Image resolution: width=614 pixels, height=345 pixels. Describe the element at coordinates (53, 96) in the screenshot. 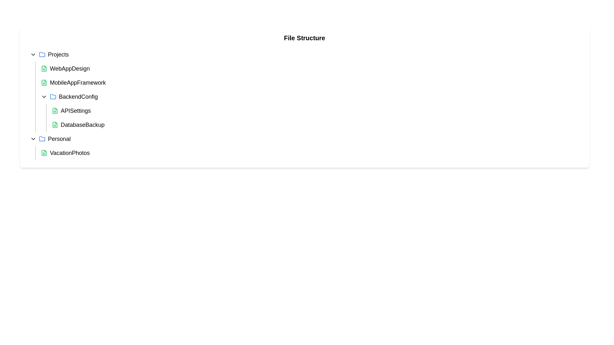

I see `the folder icon representing 'BackendConfig' located` at that location.